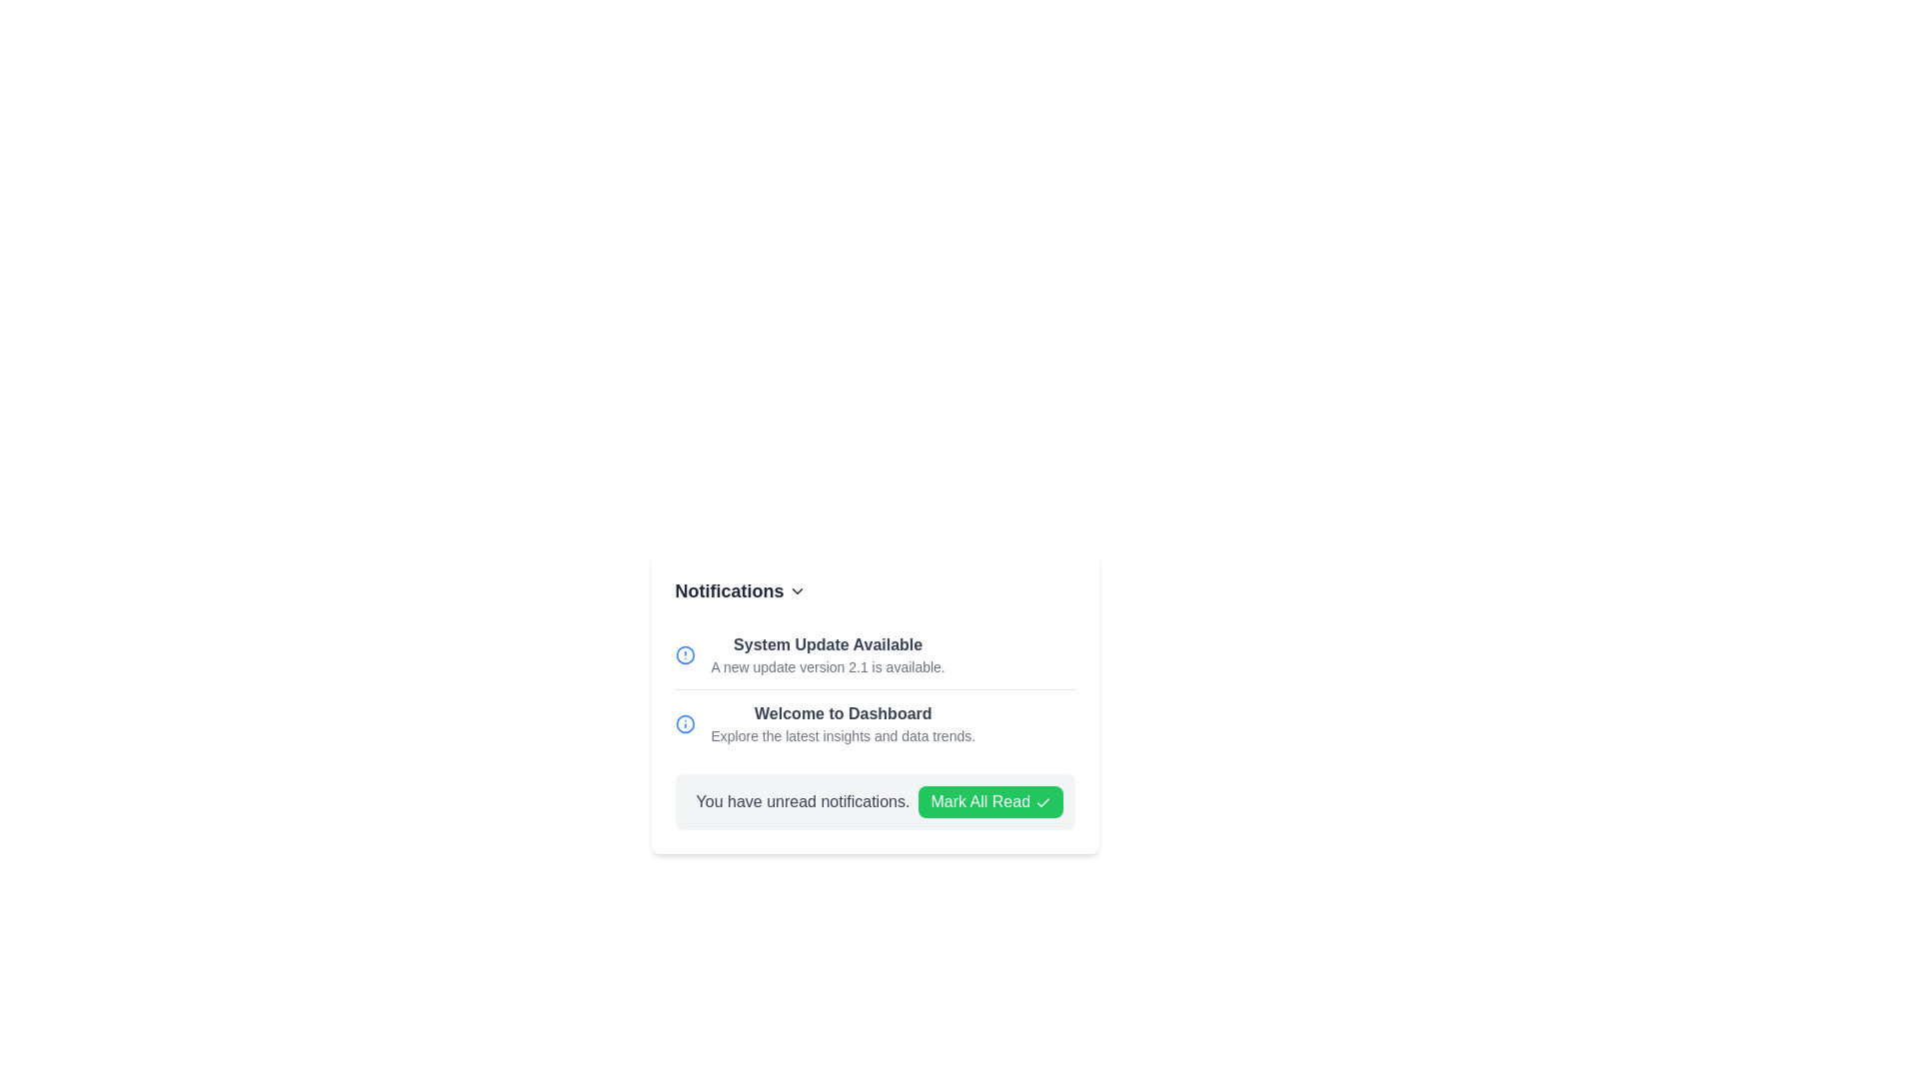 This screenshot has width=1919, height=1079. What do you see at coordinates (685, 724) in the screenshot?
I see `SVG circle element with a blue stroke located near the upper left corner of the 'System Update Available' notification` at bounding box center [685, 724].